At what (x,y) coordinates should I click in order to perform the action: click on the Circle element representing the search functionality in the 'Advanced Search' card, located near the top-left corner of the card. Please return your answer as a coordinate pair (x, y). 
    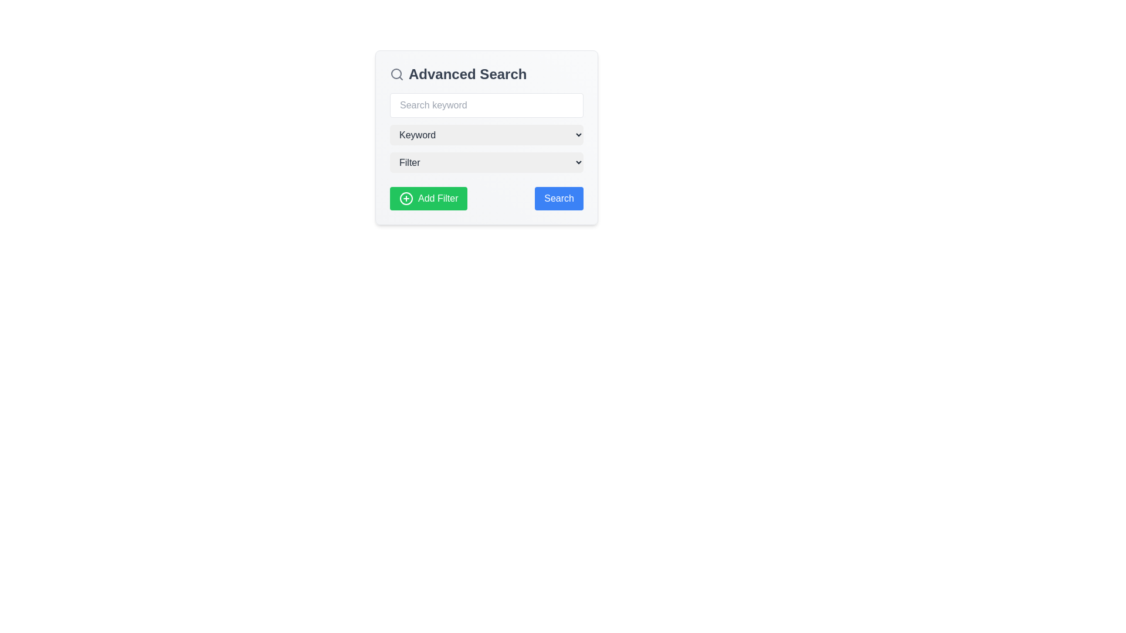
    Looking at the image, I should click on (396, 74).